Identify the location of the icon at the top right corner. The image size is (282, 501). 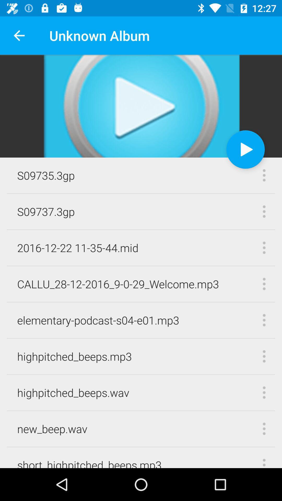
(245, 149).